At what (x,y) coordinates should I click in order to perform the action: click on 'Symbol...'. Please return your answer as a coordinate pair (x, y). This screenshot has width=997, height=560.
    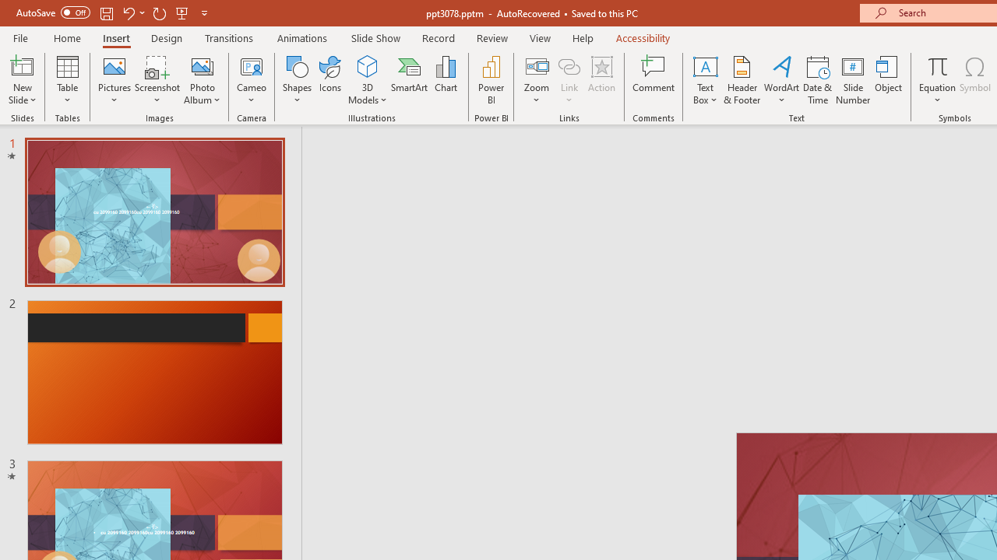
    Looking at the image, I should click on (974, 80).